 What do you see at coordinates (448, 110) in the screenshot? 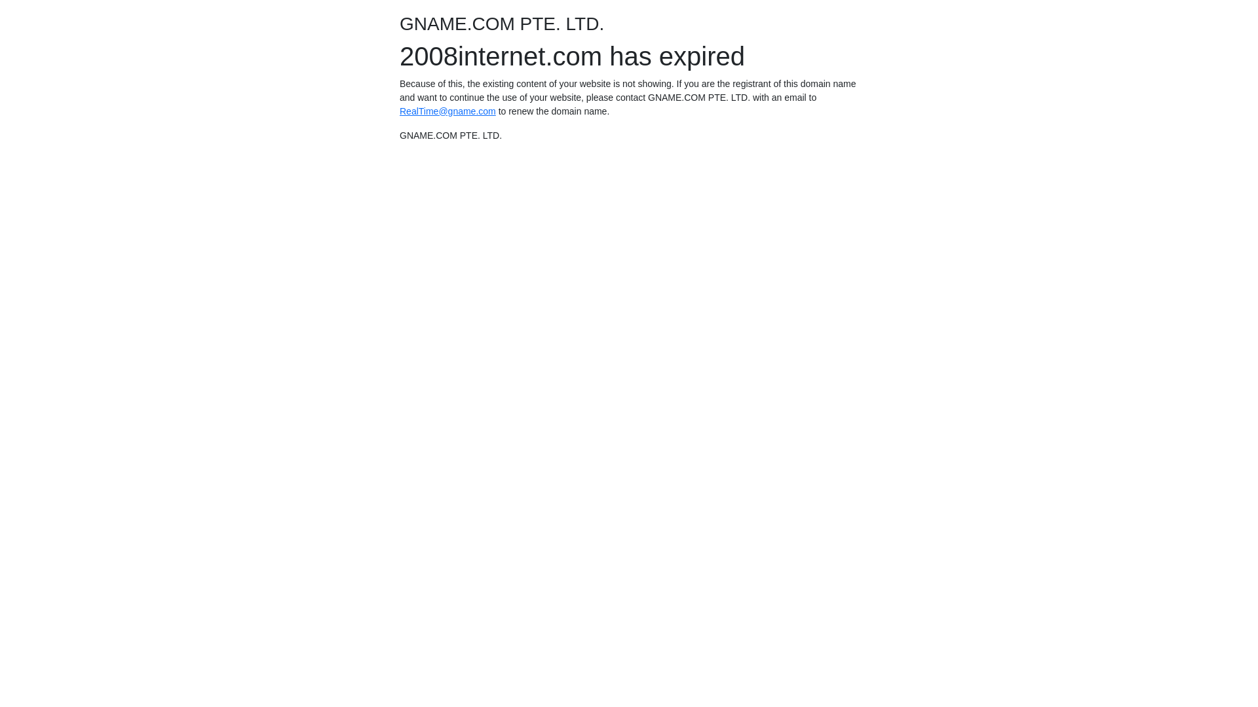
I see `'RealTime@gname.com'` at bounding box center [448, 110].